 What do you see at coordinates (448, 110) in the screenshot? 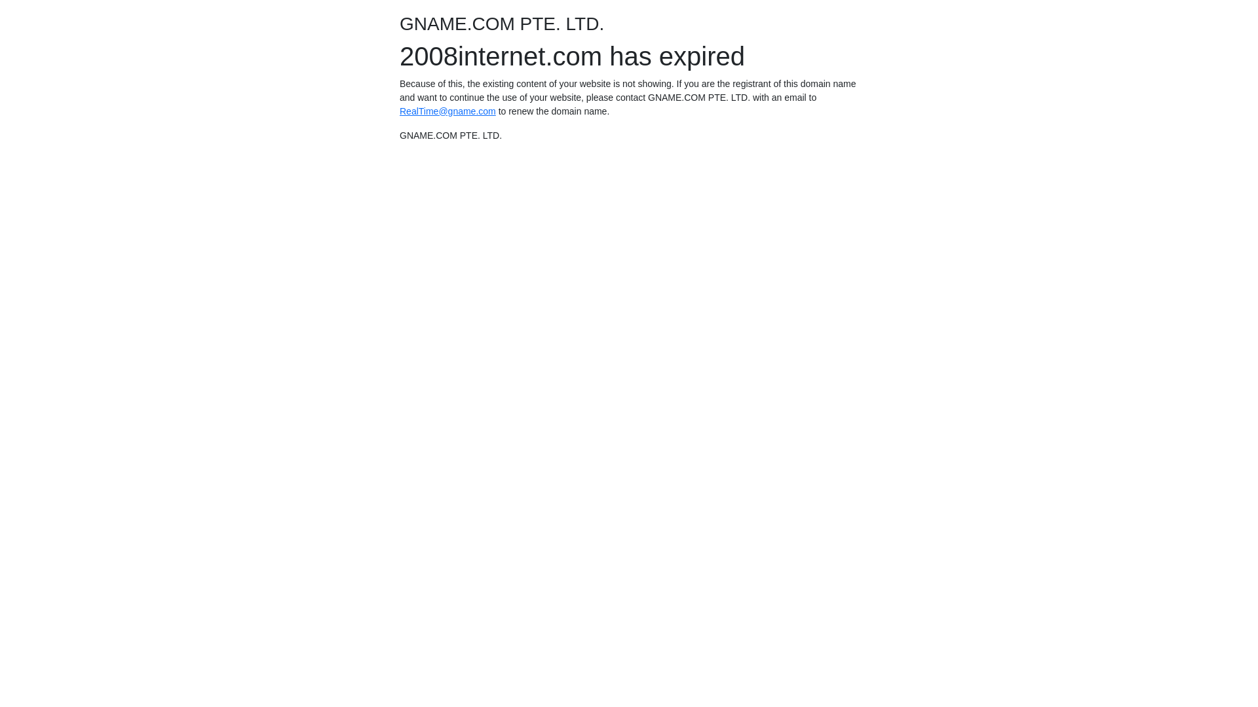
I see `'RealTime@gname.com'` at bounding box center [448, 110].